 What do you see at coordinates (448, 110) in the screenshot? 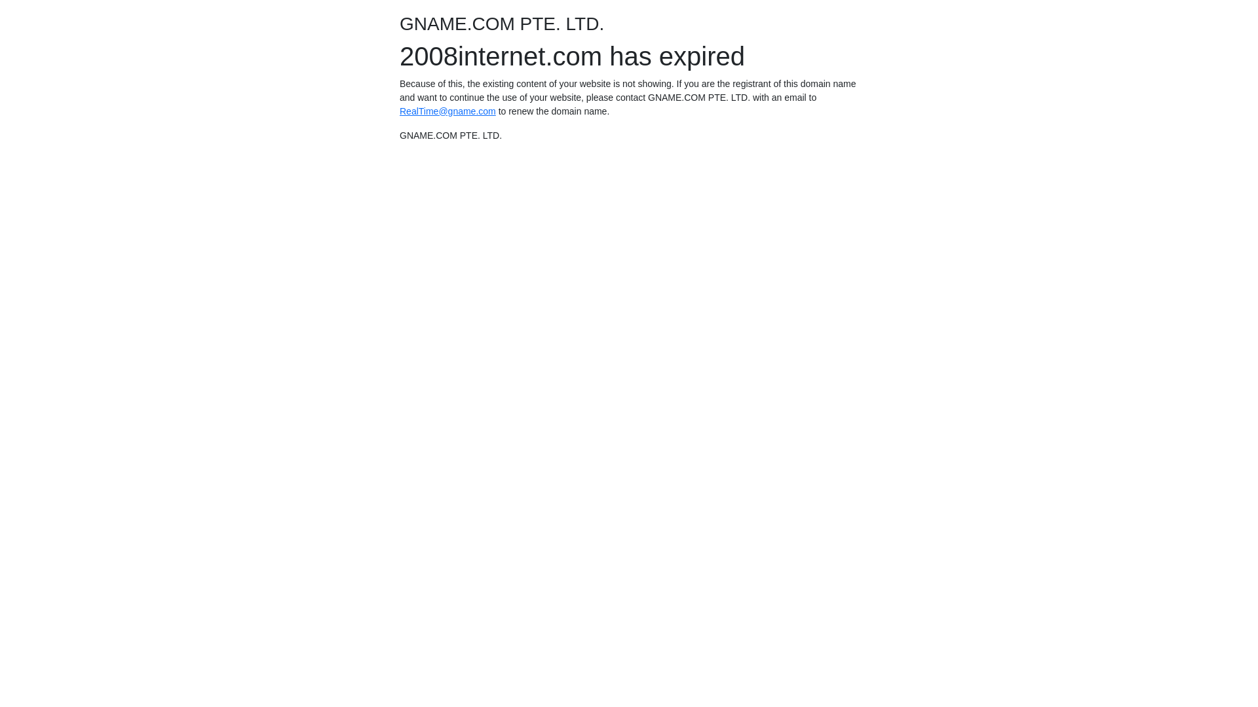
I see `'RealTime@gname.com'` at bounding box center [448, 110].